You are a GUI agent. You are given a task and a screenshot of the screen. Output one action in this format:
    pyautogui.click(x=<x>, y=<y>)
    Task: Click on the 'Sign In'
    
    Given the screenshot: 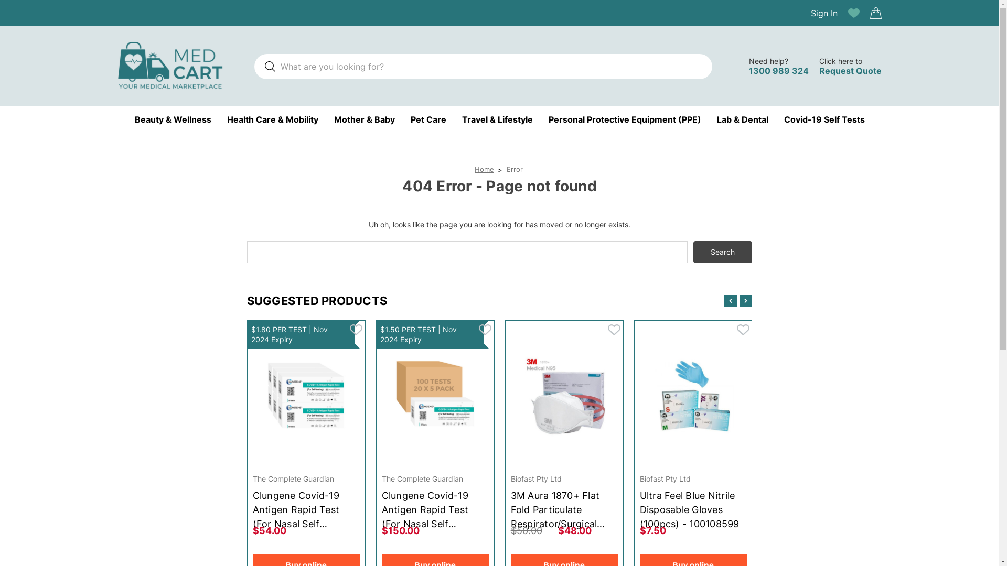 What is the action you would take?
    pyautogui.click(x=810, y=13)
    